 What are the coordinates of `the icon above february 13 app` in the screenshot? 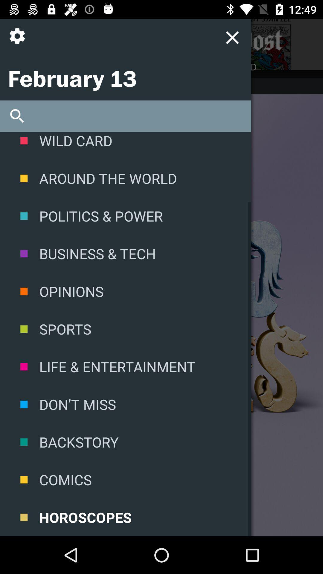 It's located at (19, 40).